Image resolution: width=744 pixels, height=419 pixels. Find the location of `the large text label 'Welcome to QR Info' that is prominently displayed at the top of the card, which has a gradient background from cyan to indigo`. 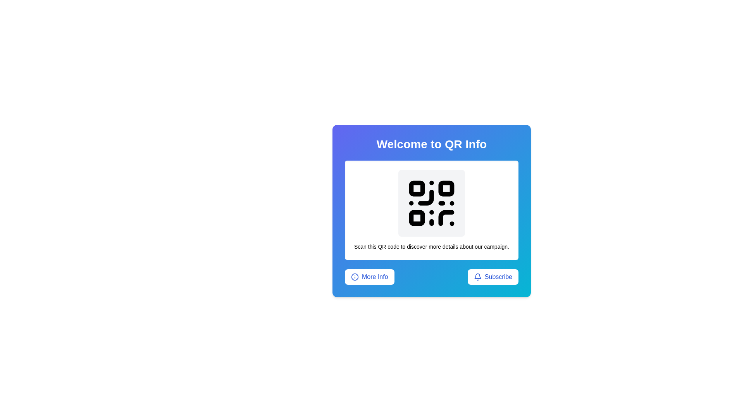

the large text label 'Welcome to QR Info' that is prominently displayed at the top of the card, which has a gradient background from cyan to indigo is located at coordinates (431, 144).